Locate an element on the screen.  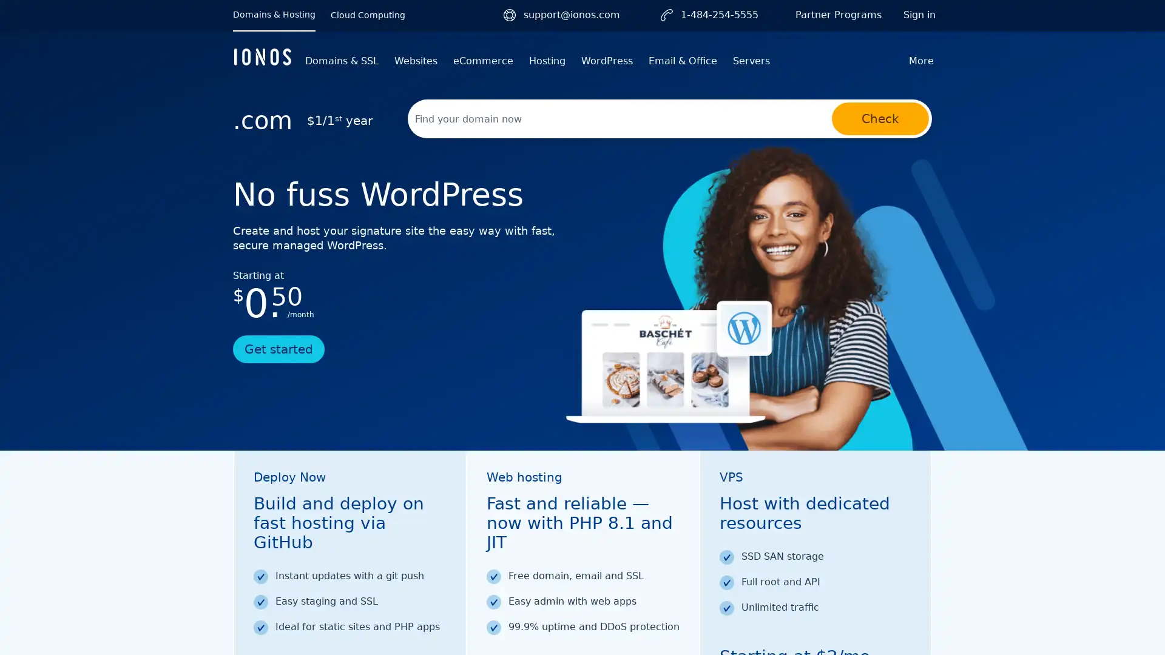
WordPress is located at coordinates (596, 61).